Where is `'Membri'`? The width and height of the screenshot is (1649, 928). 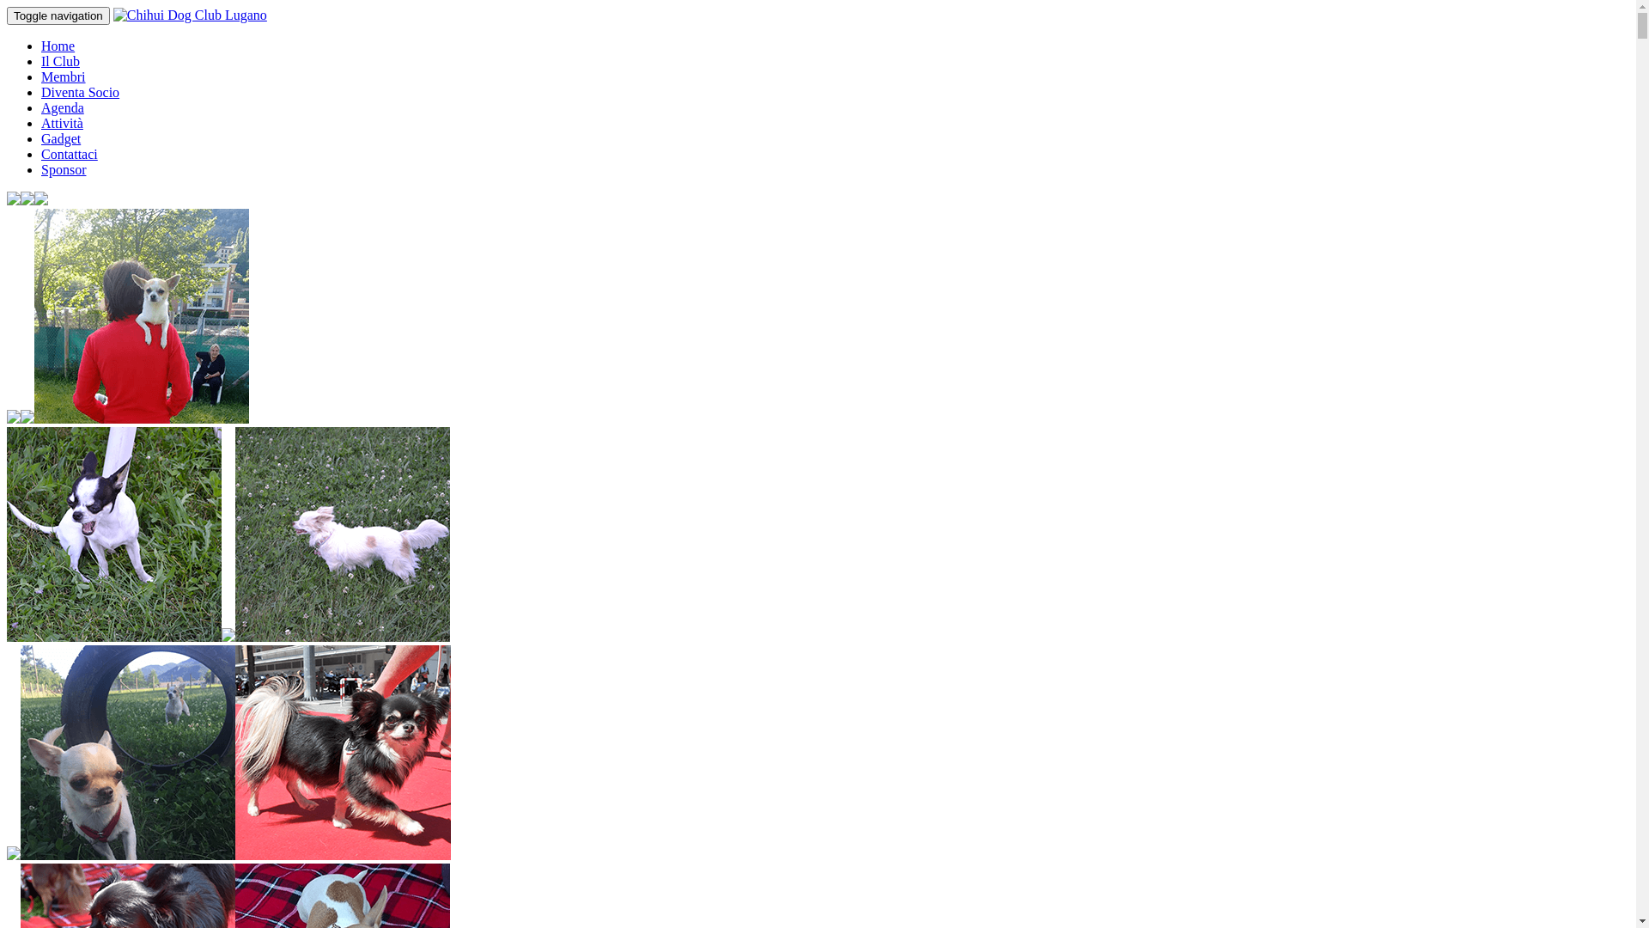 'Membri' is located at coordinates (63, 76).